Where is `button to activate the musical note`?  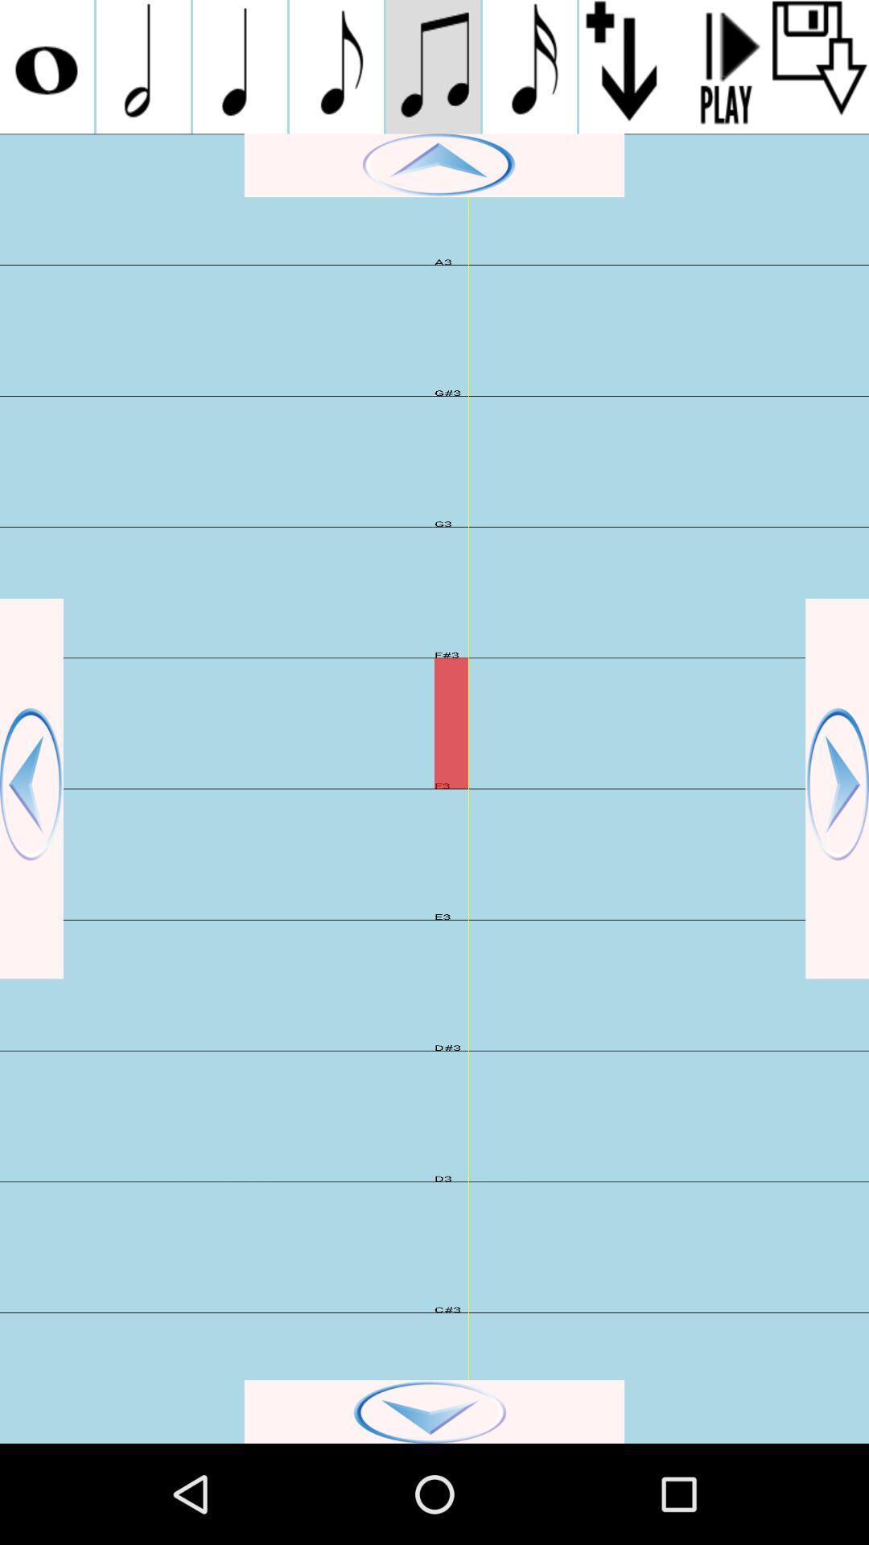
button to activate the musical note is located at coordinates (336, 66).